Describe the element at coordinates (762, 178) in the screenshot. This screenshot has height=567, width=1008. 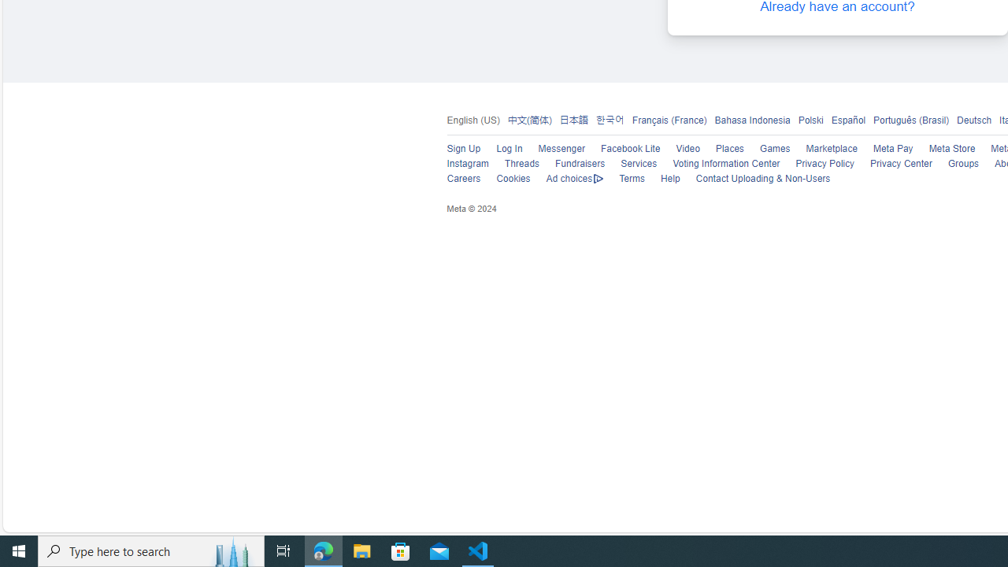
I see `'Contact Uploading & Non-Users'` at that location.